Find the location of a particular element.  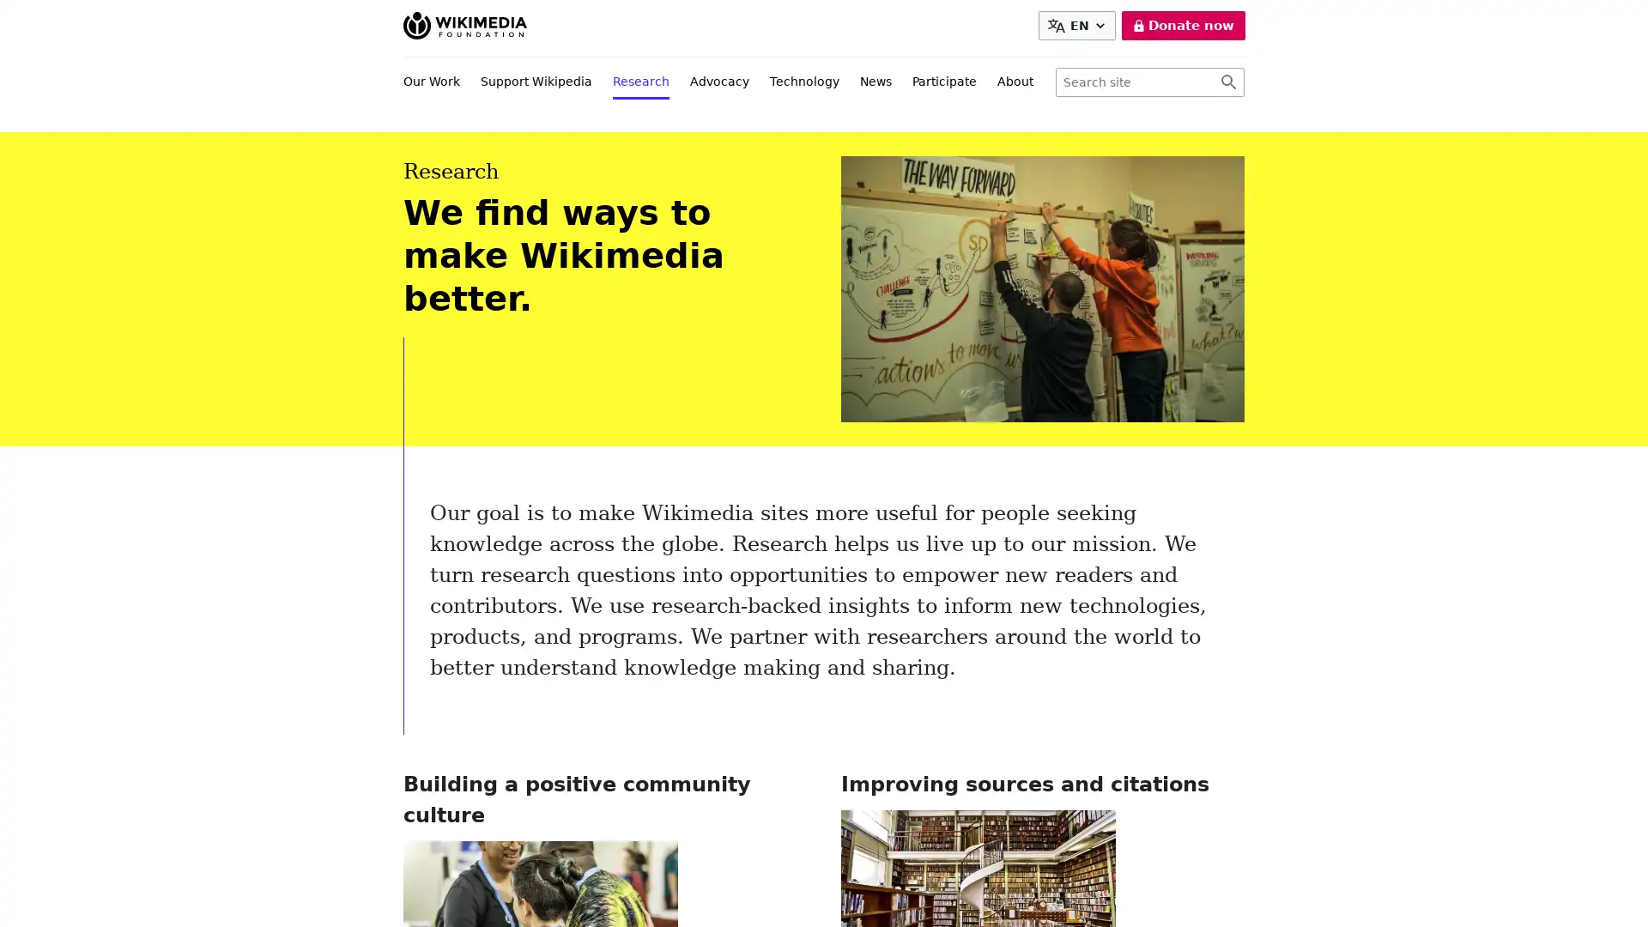

CURRENT LANGUAGE: EN is located at coordinates (1079, 26).